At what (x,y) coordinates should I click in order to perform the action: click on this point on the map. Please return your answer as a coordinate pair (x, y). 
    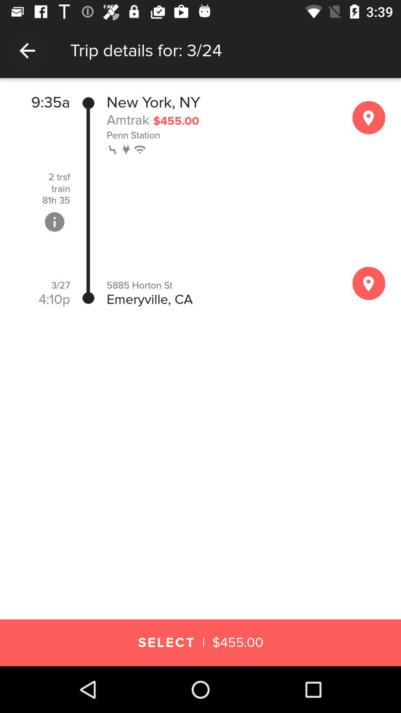
    Looking at the image, I should click on (369, 117).